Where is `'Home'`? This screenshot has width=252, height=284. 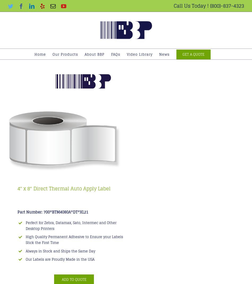
'Home' is located at coordinates (40, 54).